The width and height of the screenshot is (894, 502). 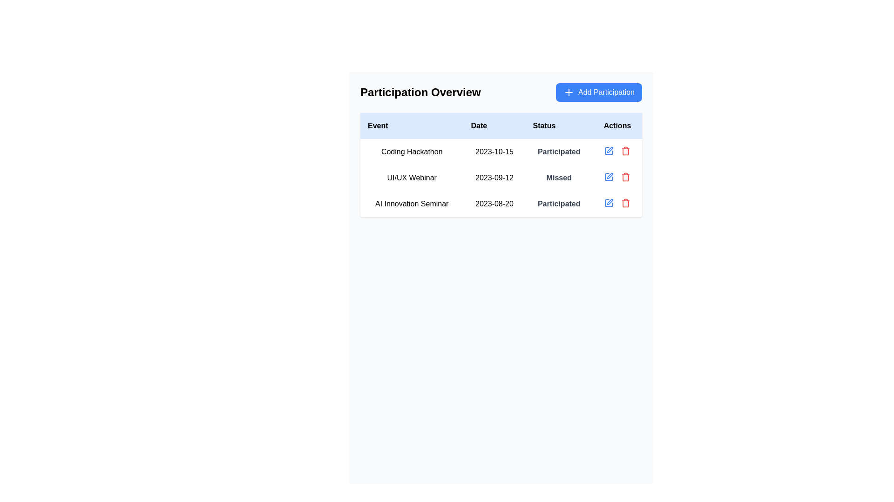 What do you see at coordinates (626, 178) in the screenshot?
I see `the delete icon located in the 'Actions' column of the second row in the table` at bounding box center [626, 178].